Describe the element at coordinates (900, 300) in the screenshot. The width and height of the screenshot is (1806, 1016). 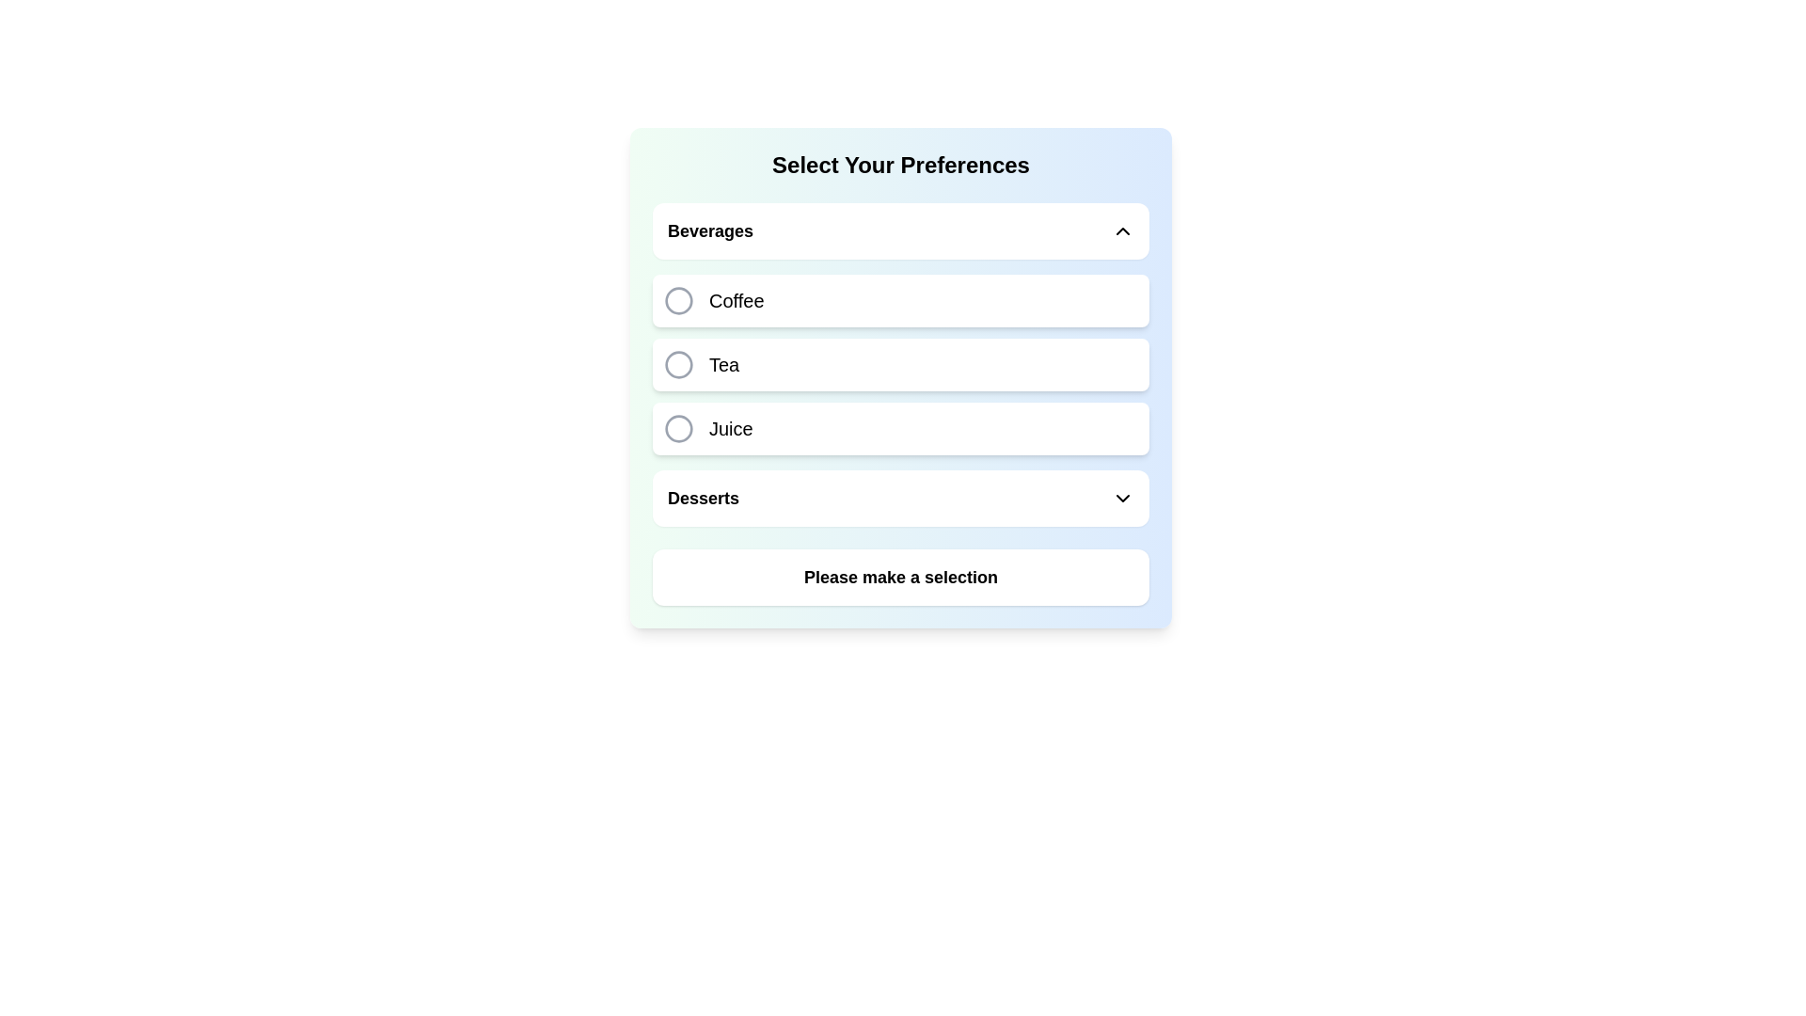
I see `the first selectable option in the 'Beverages' section` at that location.